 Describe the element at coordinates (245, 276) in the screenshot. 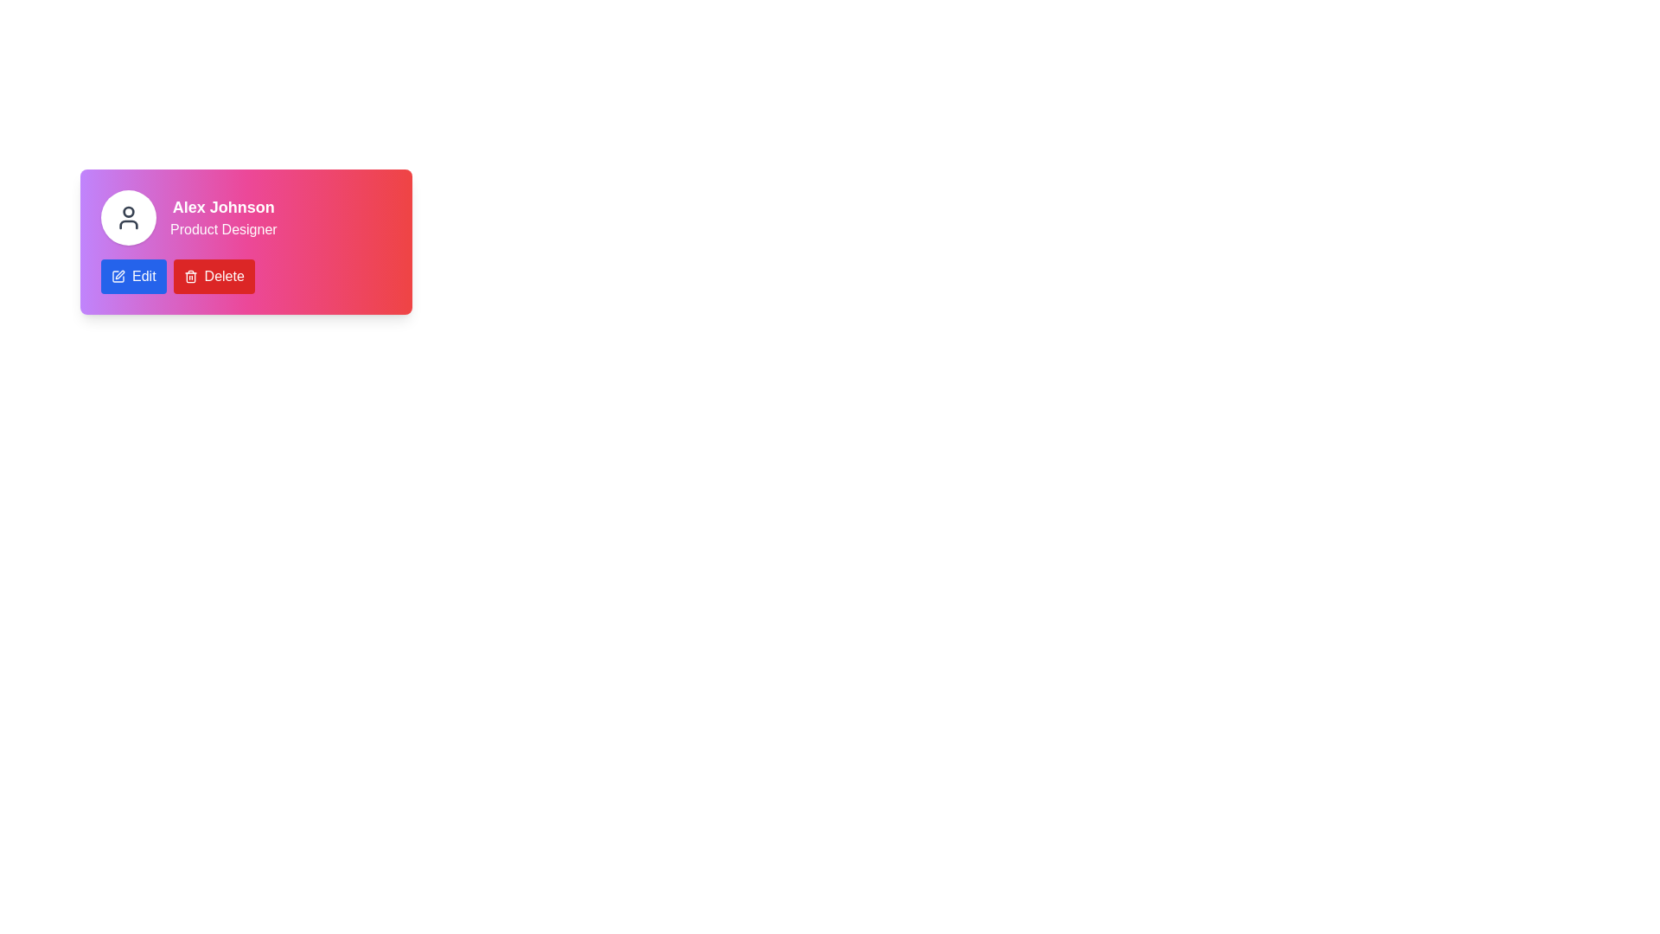

I see `the 'Delete' button in the button group below 'Alex Johnson, Product Designer'` at that location.